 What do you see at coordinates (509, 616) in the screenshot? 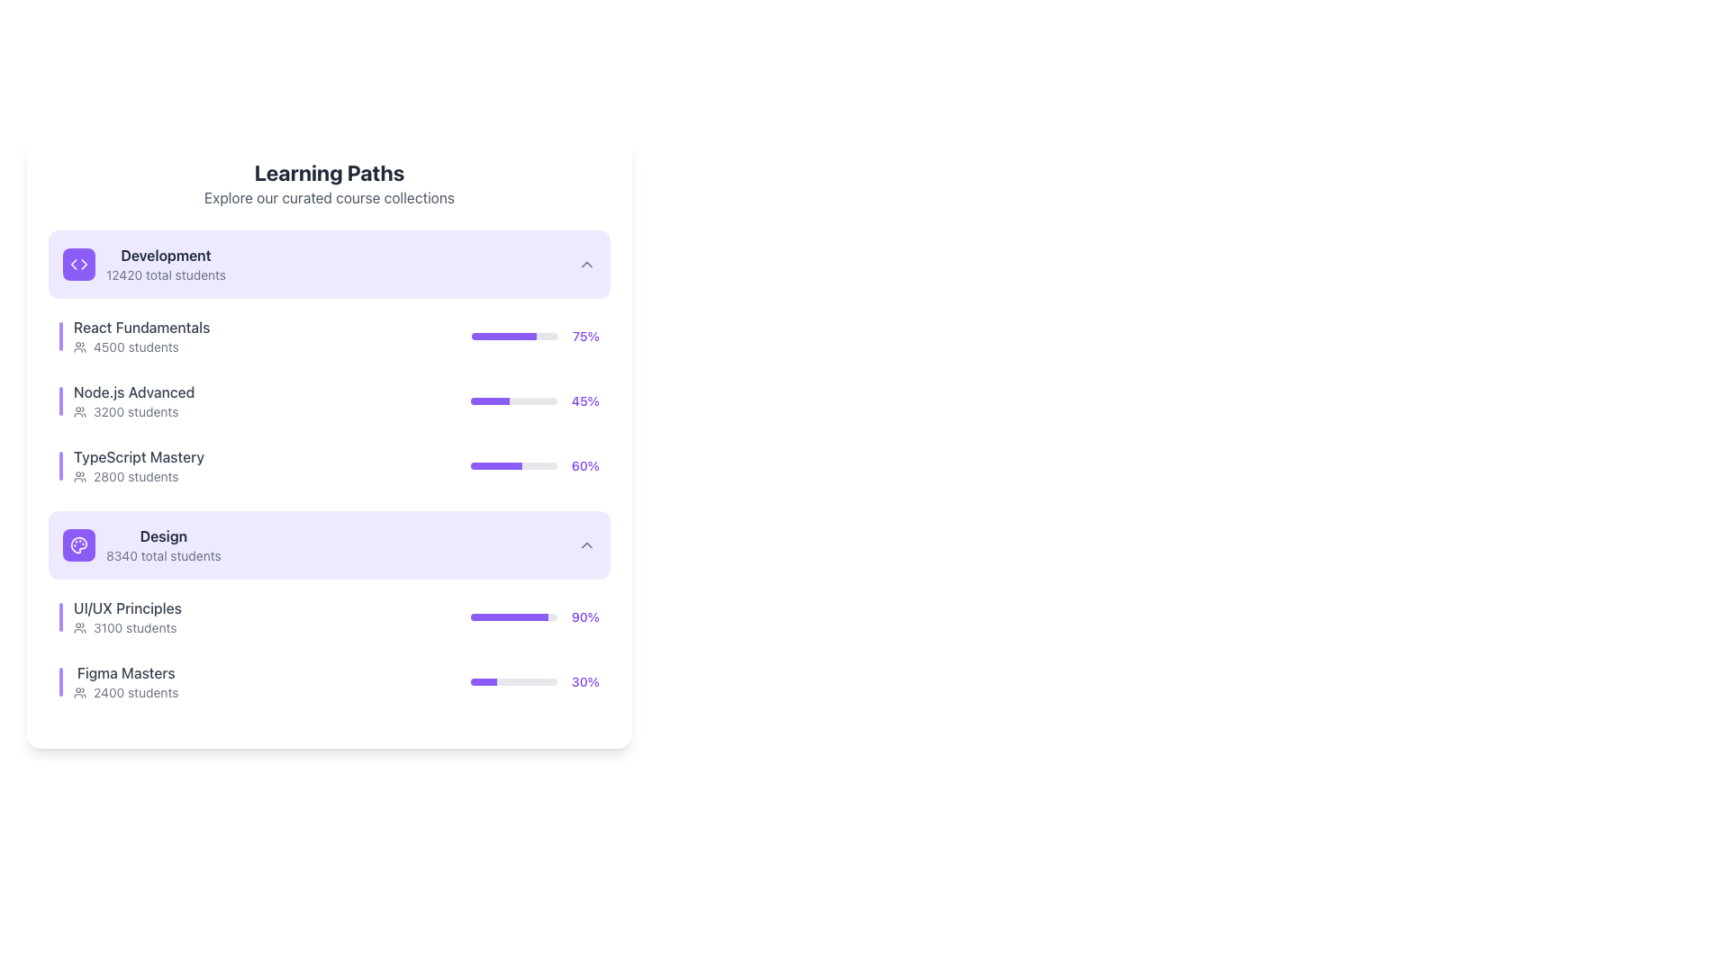
I see `the violet-colored progress bar segment that is filling approximately 90% of its containing bar, located below the 'UI/UX Principles' text in the 'Design' category` at bounding box center [509, 616].